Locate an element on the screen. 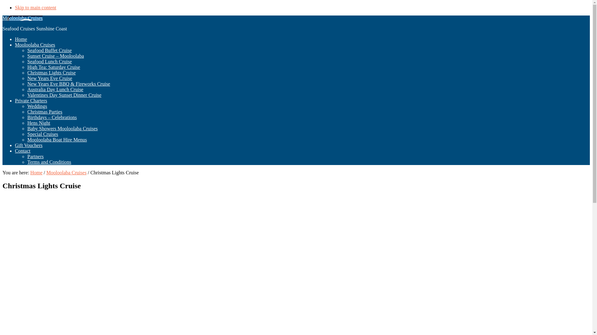 Image resolution: width=597 pixels, height=335 pixels. 'Mooloolaba Cruises' is located at coordinates (22, 18).